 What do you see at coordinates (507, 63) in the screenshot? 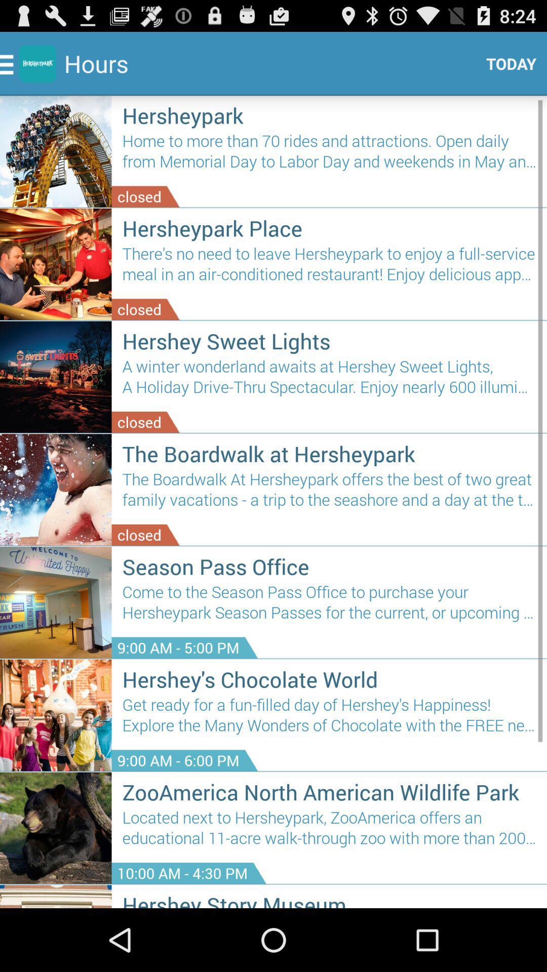
I see `the app to the right of the hours icon` at bounding box center [507, 63].